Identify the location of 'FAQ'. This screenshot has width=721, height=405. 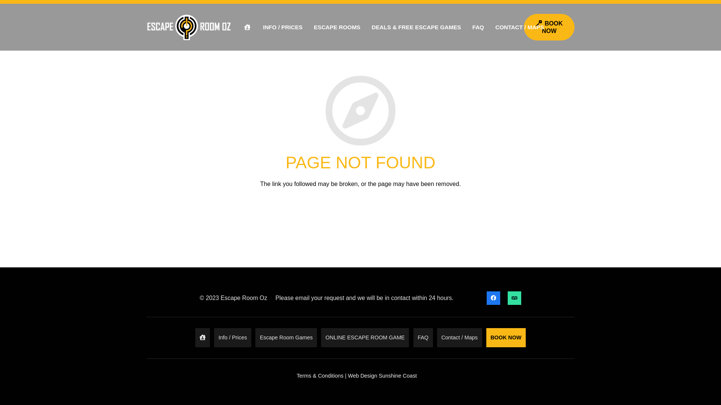
(478, 27).